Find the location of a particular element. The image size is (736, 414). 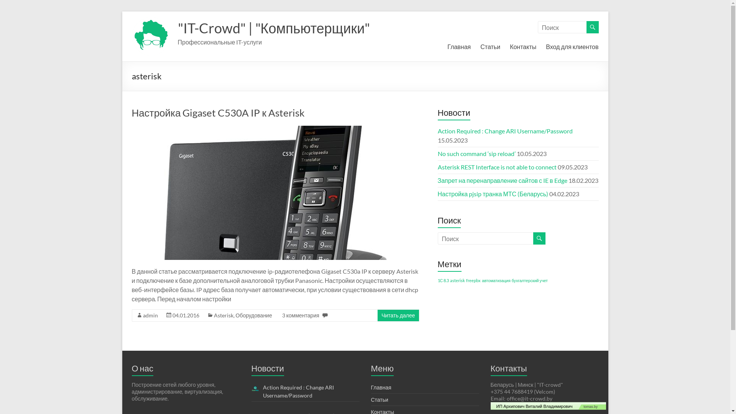

'Asterisk REST Interface is not able to connect' is located at coordinates (497, 166).